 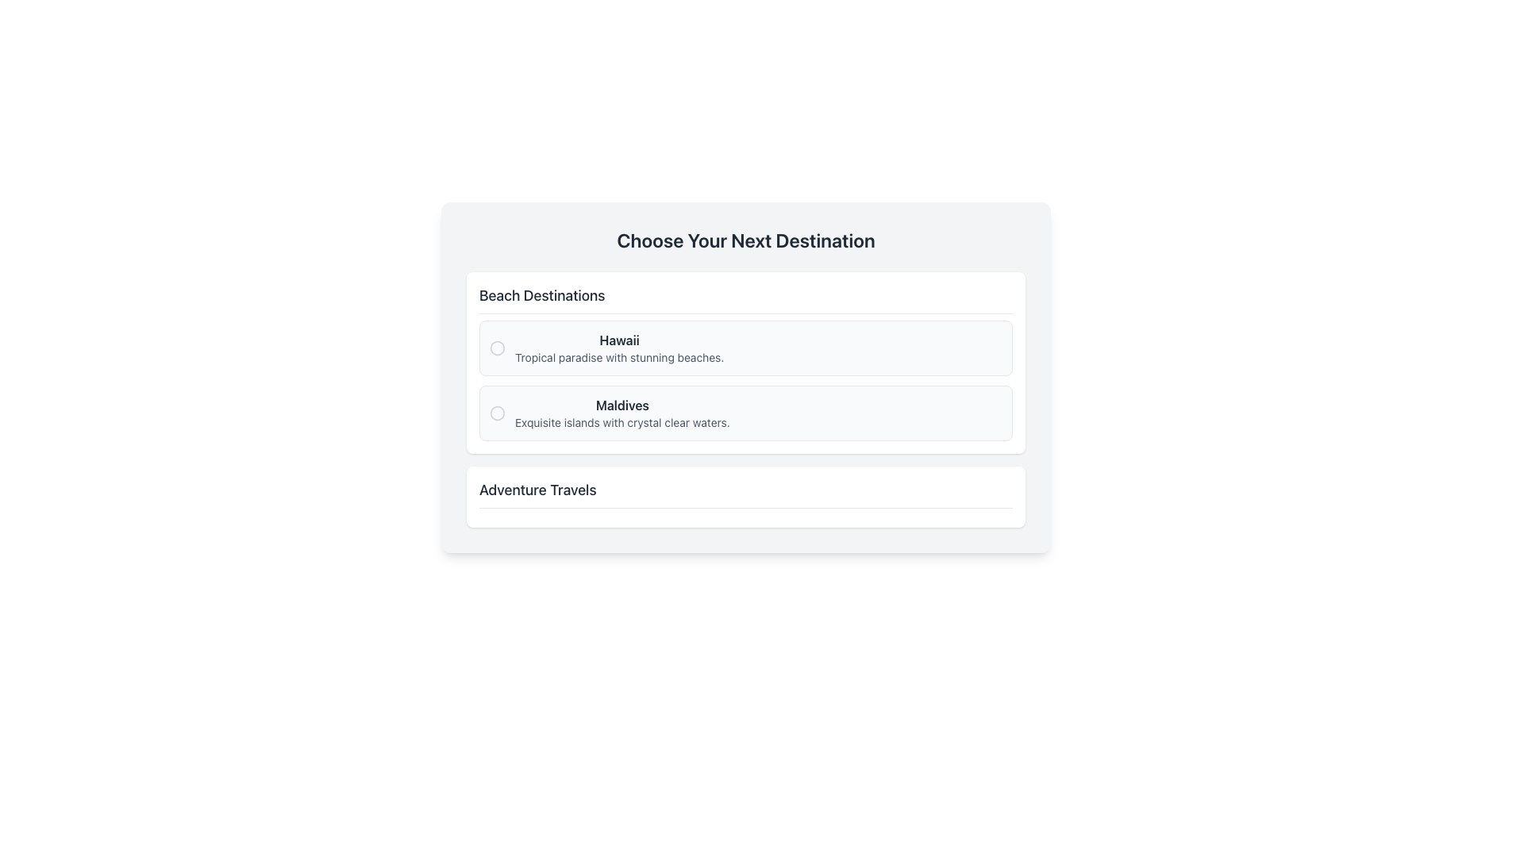 I want to click on the first radio button in the 'Beach Destinations' section, so click(x=497, y=348).